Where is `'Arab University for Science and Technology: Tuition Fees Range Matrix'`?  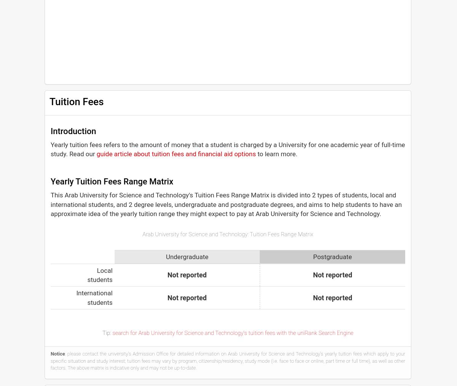
'Arab University for Science and Technology: Tuition Fees Range Matrix' is located at coordinates (227, 234).